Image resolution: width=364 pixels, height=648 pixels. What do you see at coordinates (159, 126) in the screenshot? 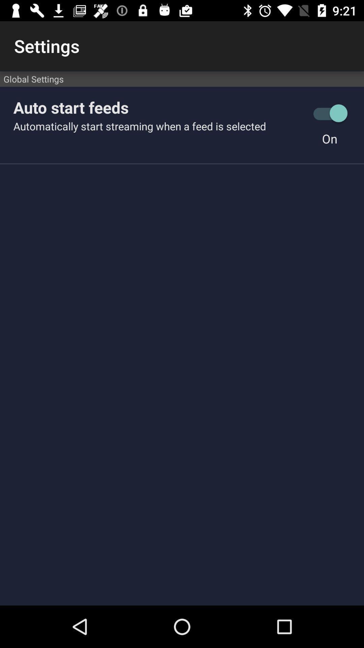
I see `automatically start streaming item` at bounding box center [159, 126].